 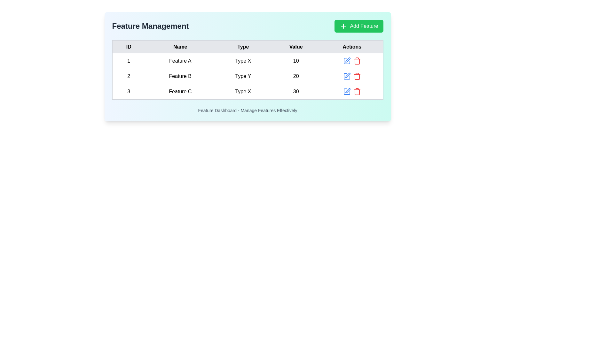 What do you see at coordinates (295, 92) in the screenshot?
I see `the static text element displaying the value associated with a feature entry, located in the fourth column of the third row under the 'Value' header` at bounding box center [295, 92].